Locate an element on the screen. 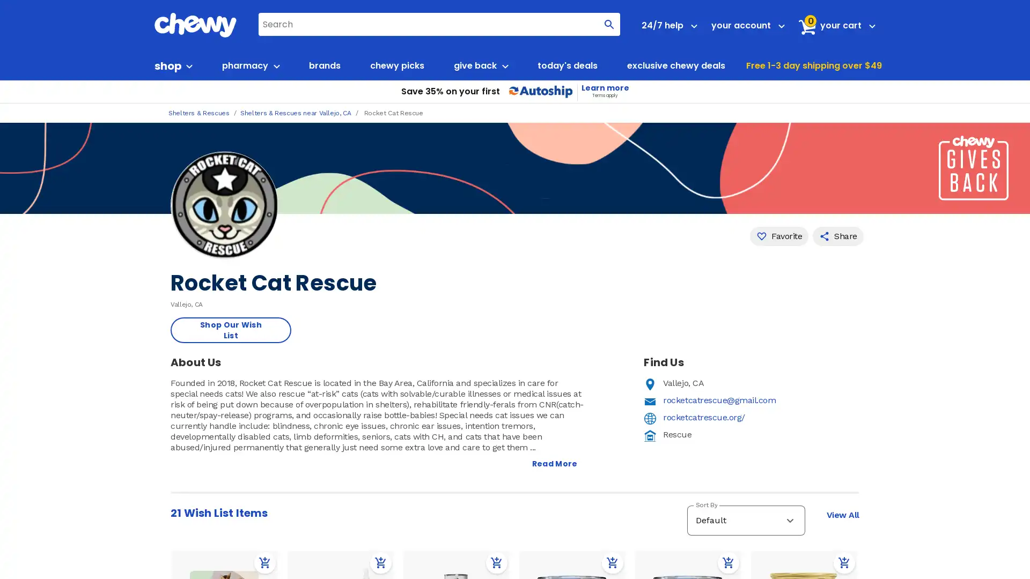 The width and height of the screenshot is (1030, 579). Add 1 item to cart. Chewy Gives Back eGift Card is located at coordinates (265, 562).